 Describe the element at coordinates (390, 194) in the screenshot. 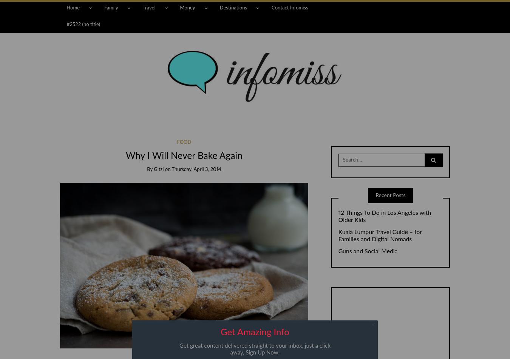

I see `'Recent Posts'` at that location.